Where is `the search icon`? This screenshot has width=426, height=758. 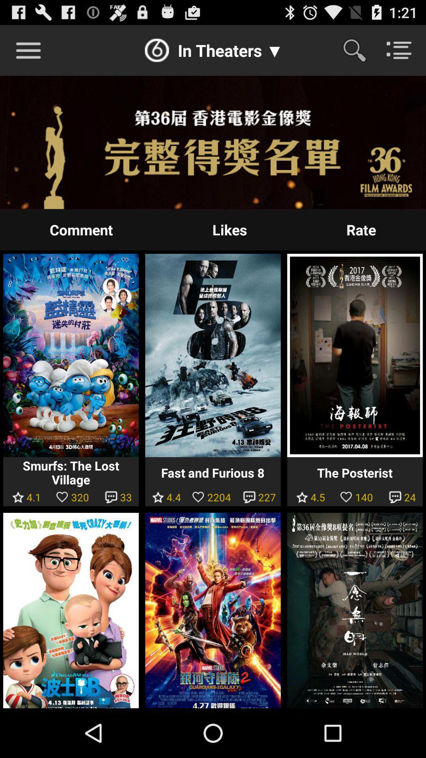
the search icon is located at coordinates (359, 53).